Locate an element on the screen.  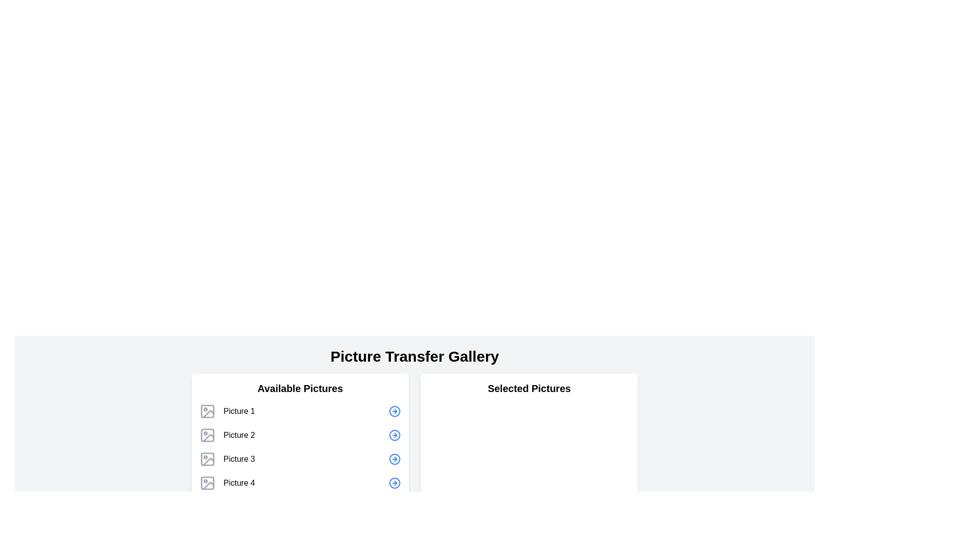
the Combined text and icon element located is located at coordinates (227, 435).